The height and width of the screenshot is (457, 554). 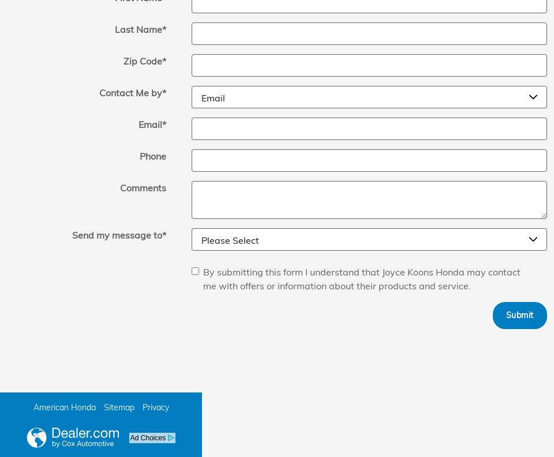 What do you see at coordinates (142, 187) in the screenshot?
I see `'Comments'` at bounding box center [142, 187].